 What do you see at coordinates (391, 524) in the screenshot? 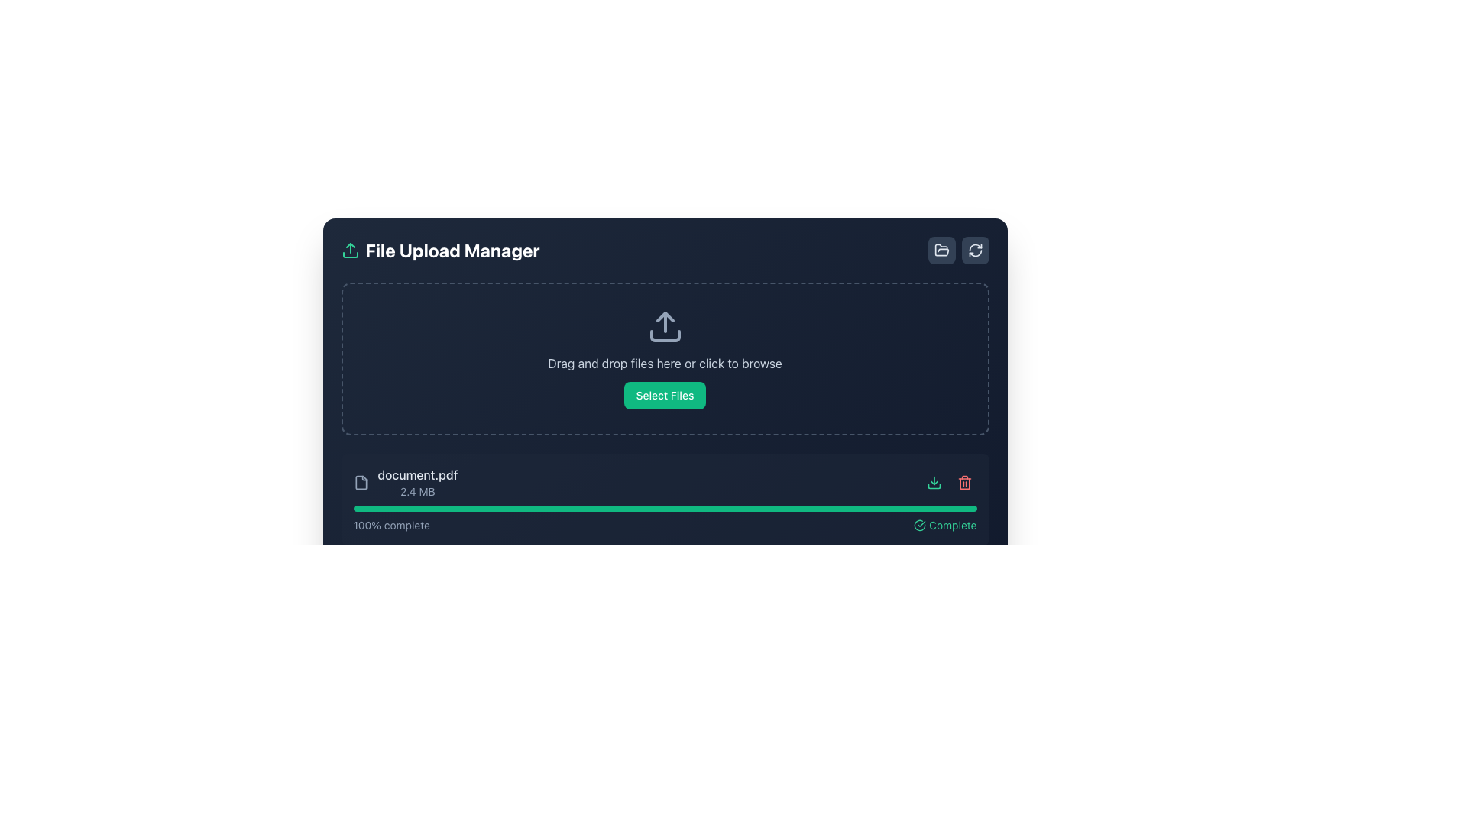
I see `the text label displaying '100% complete' in light slate gray, which is part of the feedback section indicating progress, located at the lower section of the UI, aligned to the left side beneath a green progress bar` at bounding box center [391, 524].